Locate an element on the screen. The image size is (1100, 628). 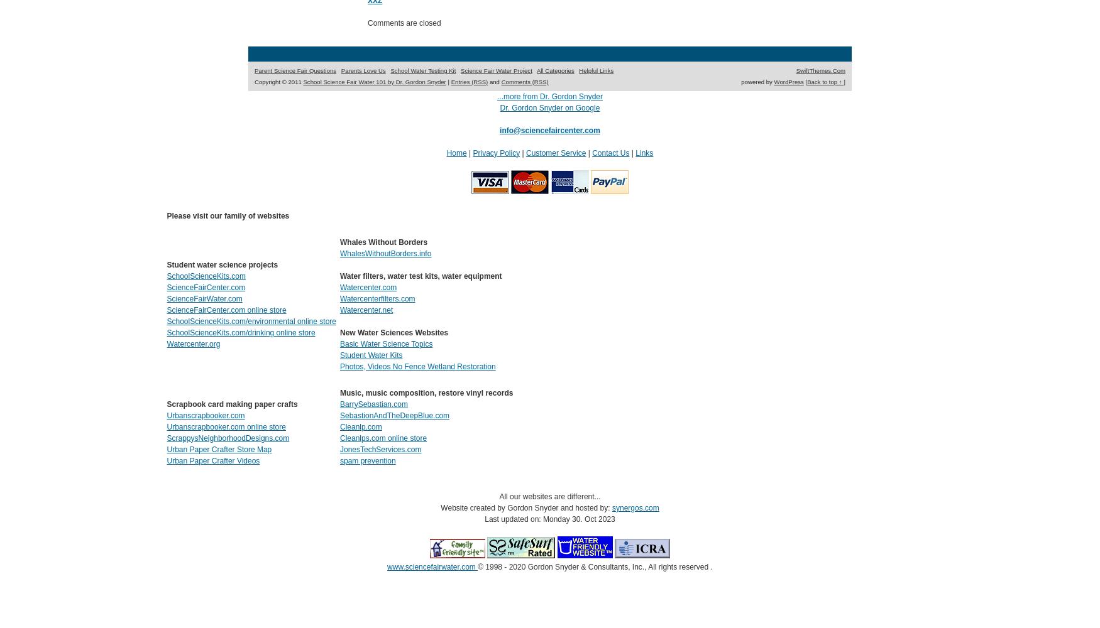
'and' is located at coordinates (487, 81).